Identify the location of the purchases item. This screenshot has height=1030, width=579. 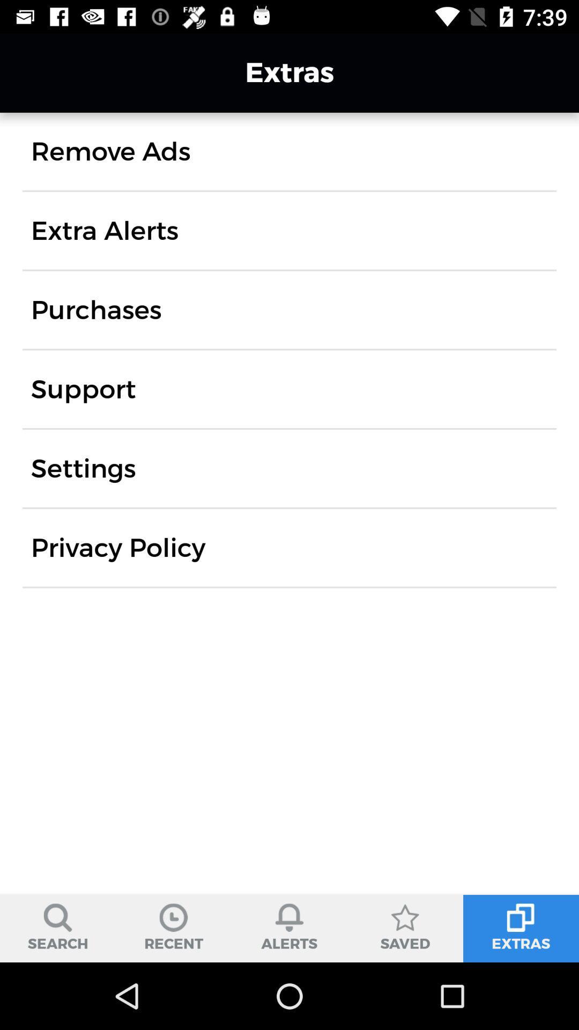
(95, 309).